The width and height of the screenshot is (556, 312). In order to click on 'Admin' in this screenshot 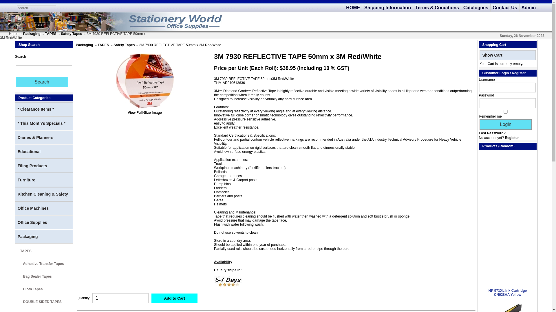, I will do `click(528, 8)`.